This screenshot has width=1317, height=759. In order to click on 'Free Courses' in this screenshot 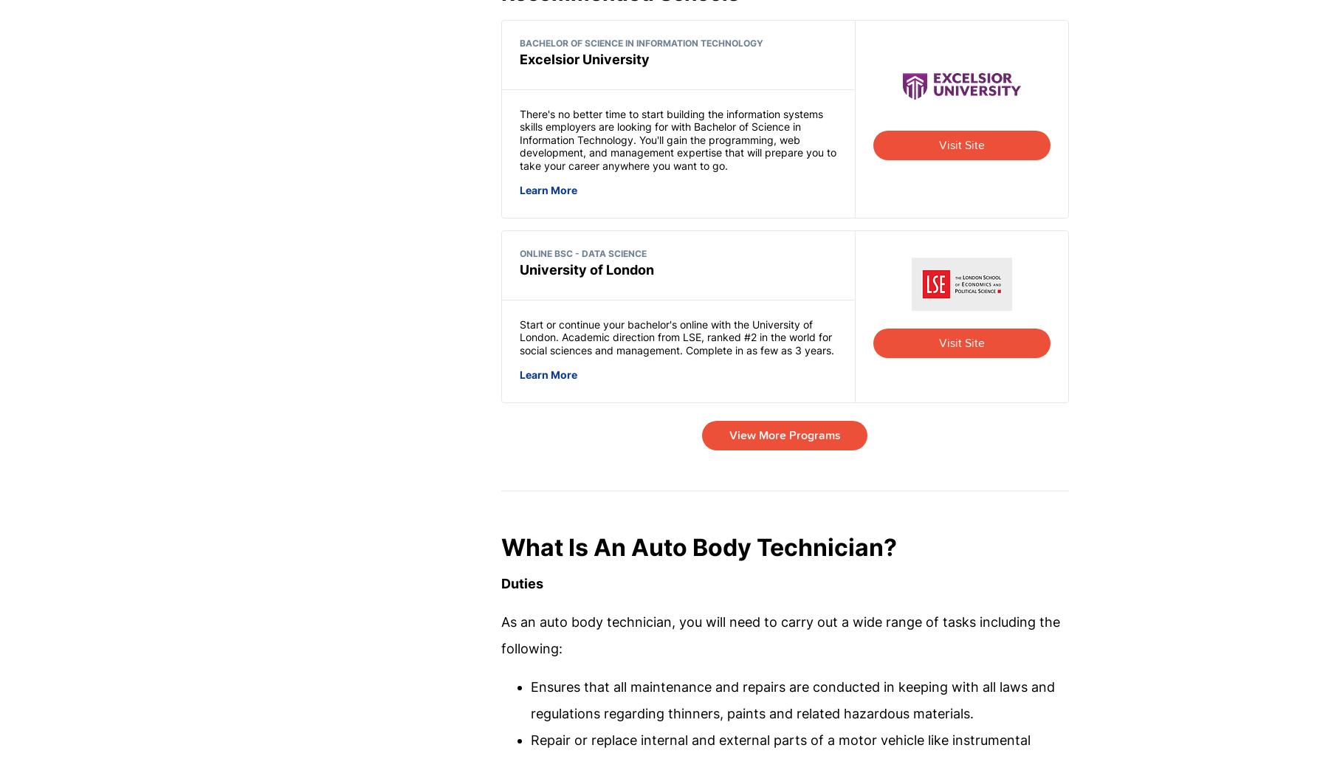, I will do `click(642, 609)`.